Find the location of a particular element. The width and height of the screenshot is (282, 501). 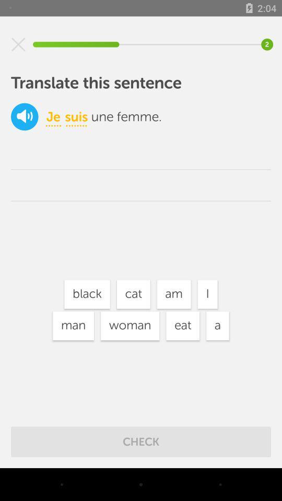

the star icon is located at coordinates (18, 44).